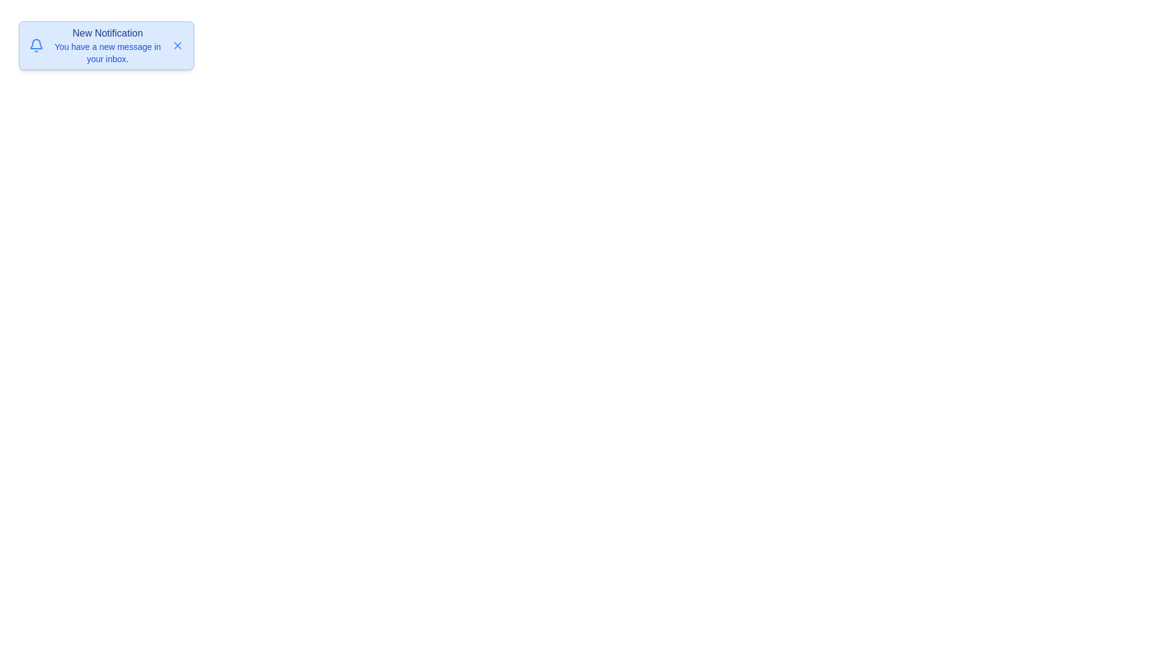 The image size is (1169, 658). I want to click on the close button represented as an 'X' in the top right corner of the notification card, so click(177, 44).